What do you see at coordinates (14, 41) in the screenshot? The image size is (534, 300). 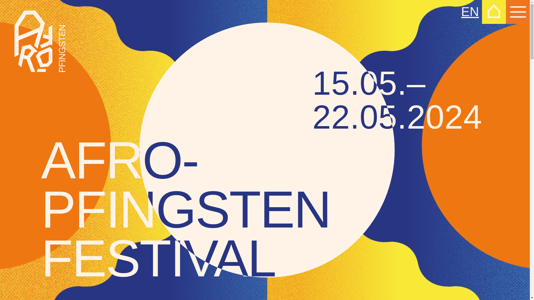 I see `'Afro-Pfingsten Winterthur'` at bounding box center [14, 41].